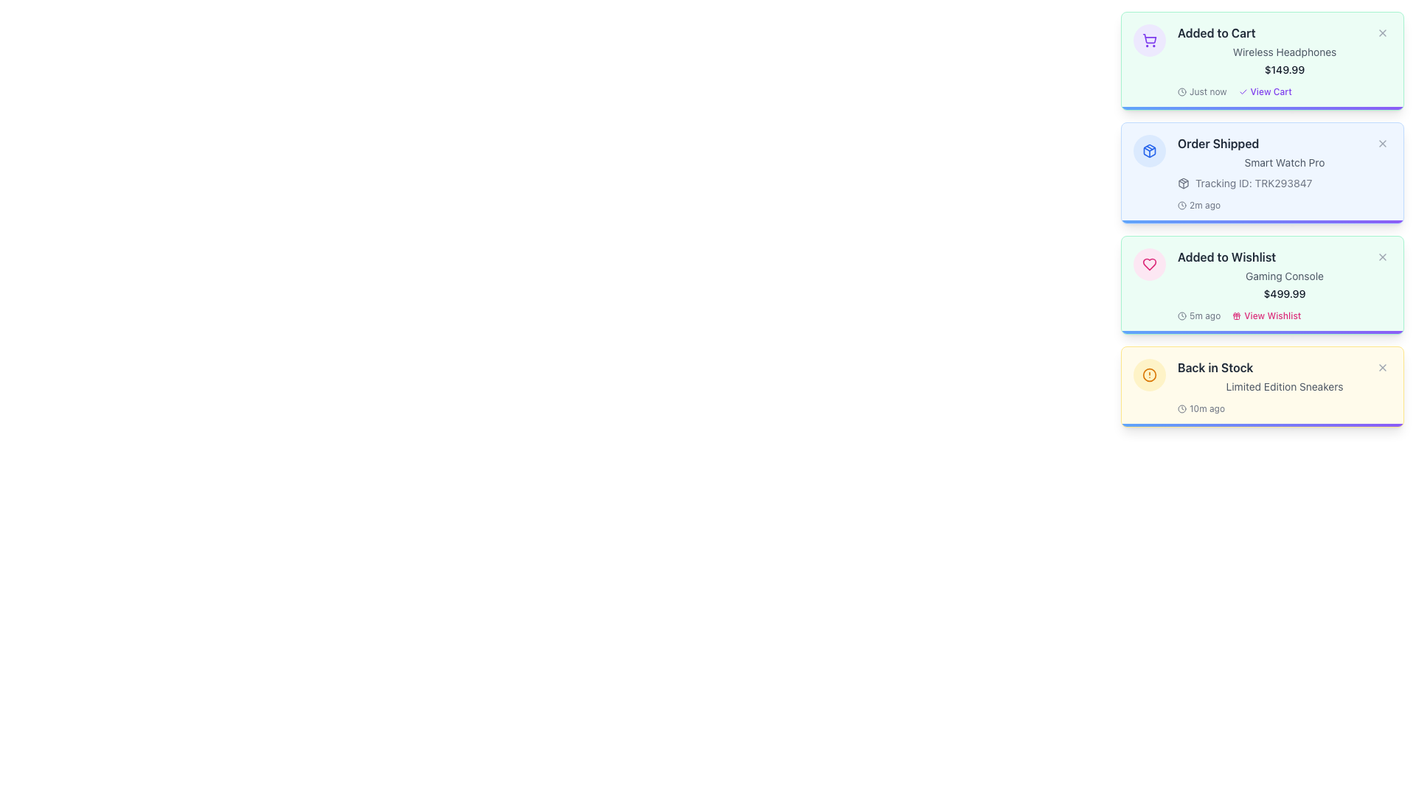 The width and height of the screenshot is (1416, 796). Describe the element at coordinates (1284, 172) in the screenshot. I see `the Notification card for an order update, which is the second card in a vertically stacked list` at that location.